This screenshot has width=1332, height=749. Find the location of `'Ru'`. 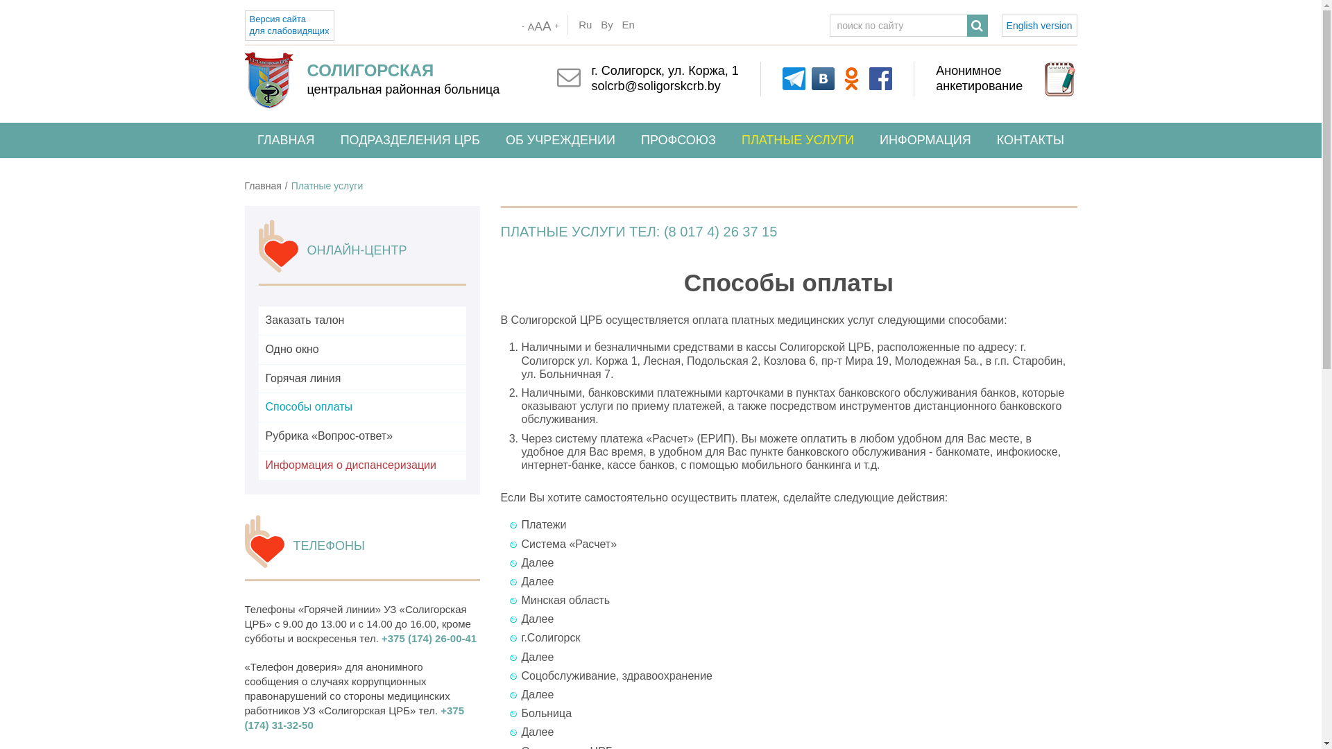

'Ru' is located at coordinates (575, 24).